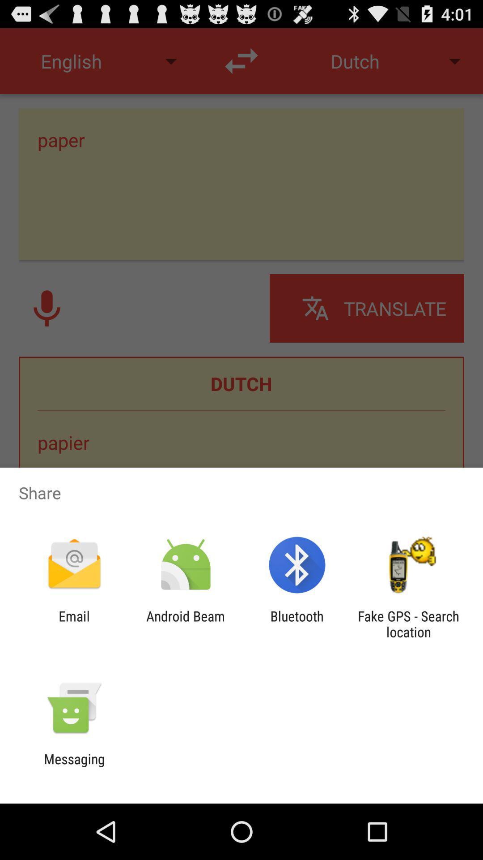 This screenshot has height=860, width=483. What do you see at coordinates (185, 623) in the screenshot?
I see `the icon next to the bluetooth icon` at bounding box center [185, 623].